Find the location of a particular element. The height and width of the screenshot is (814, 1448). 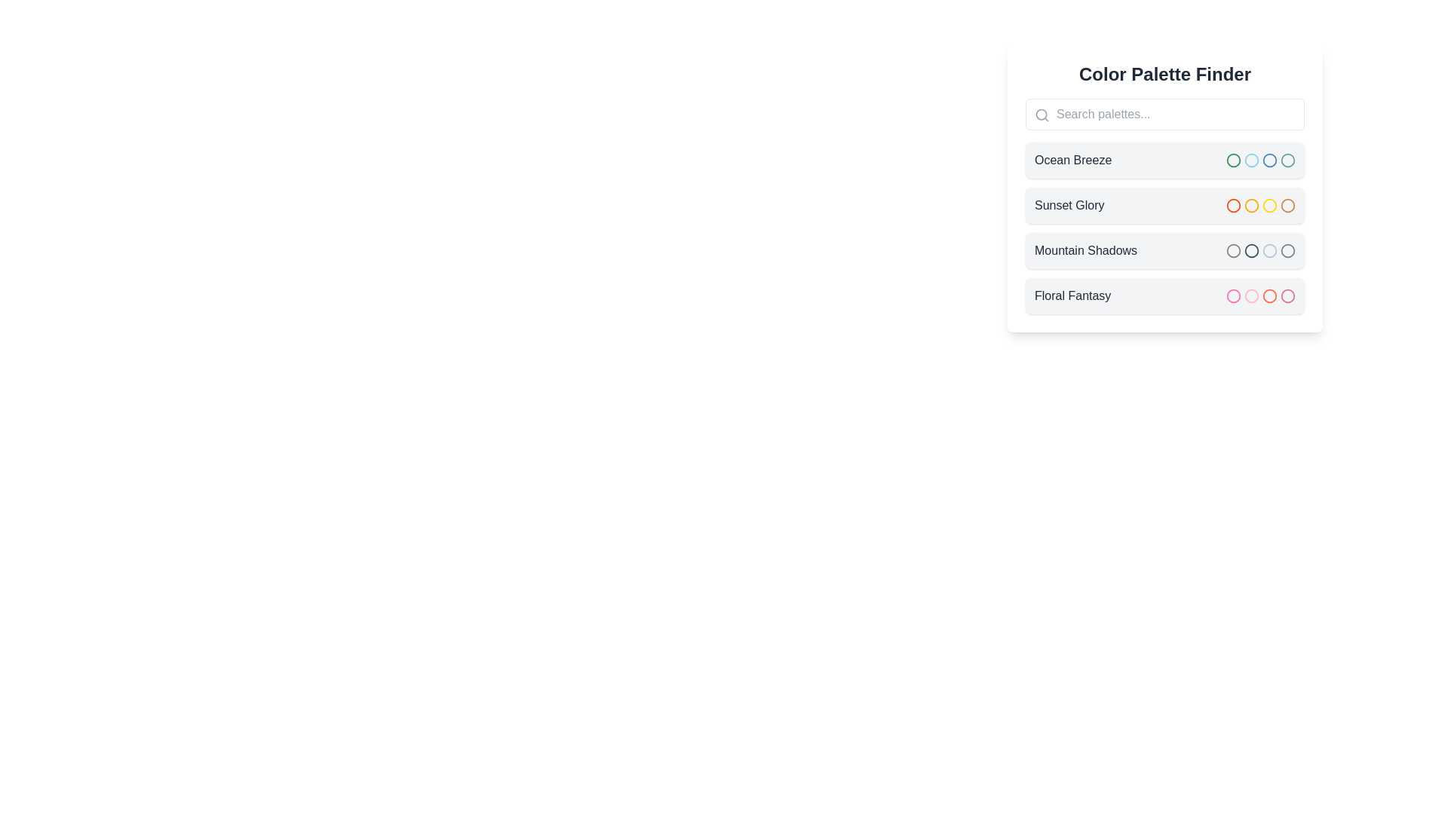

the fourth circular visual indicator in the 'Sunset Glory' color palette, located at the bottom-right of the color options is located at coordinates (1287, 206).